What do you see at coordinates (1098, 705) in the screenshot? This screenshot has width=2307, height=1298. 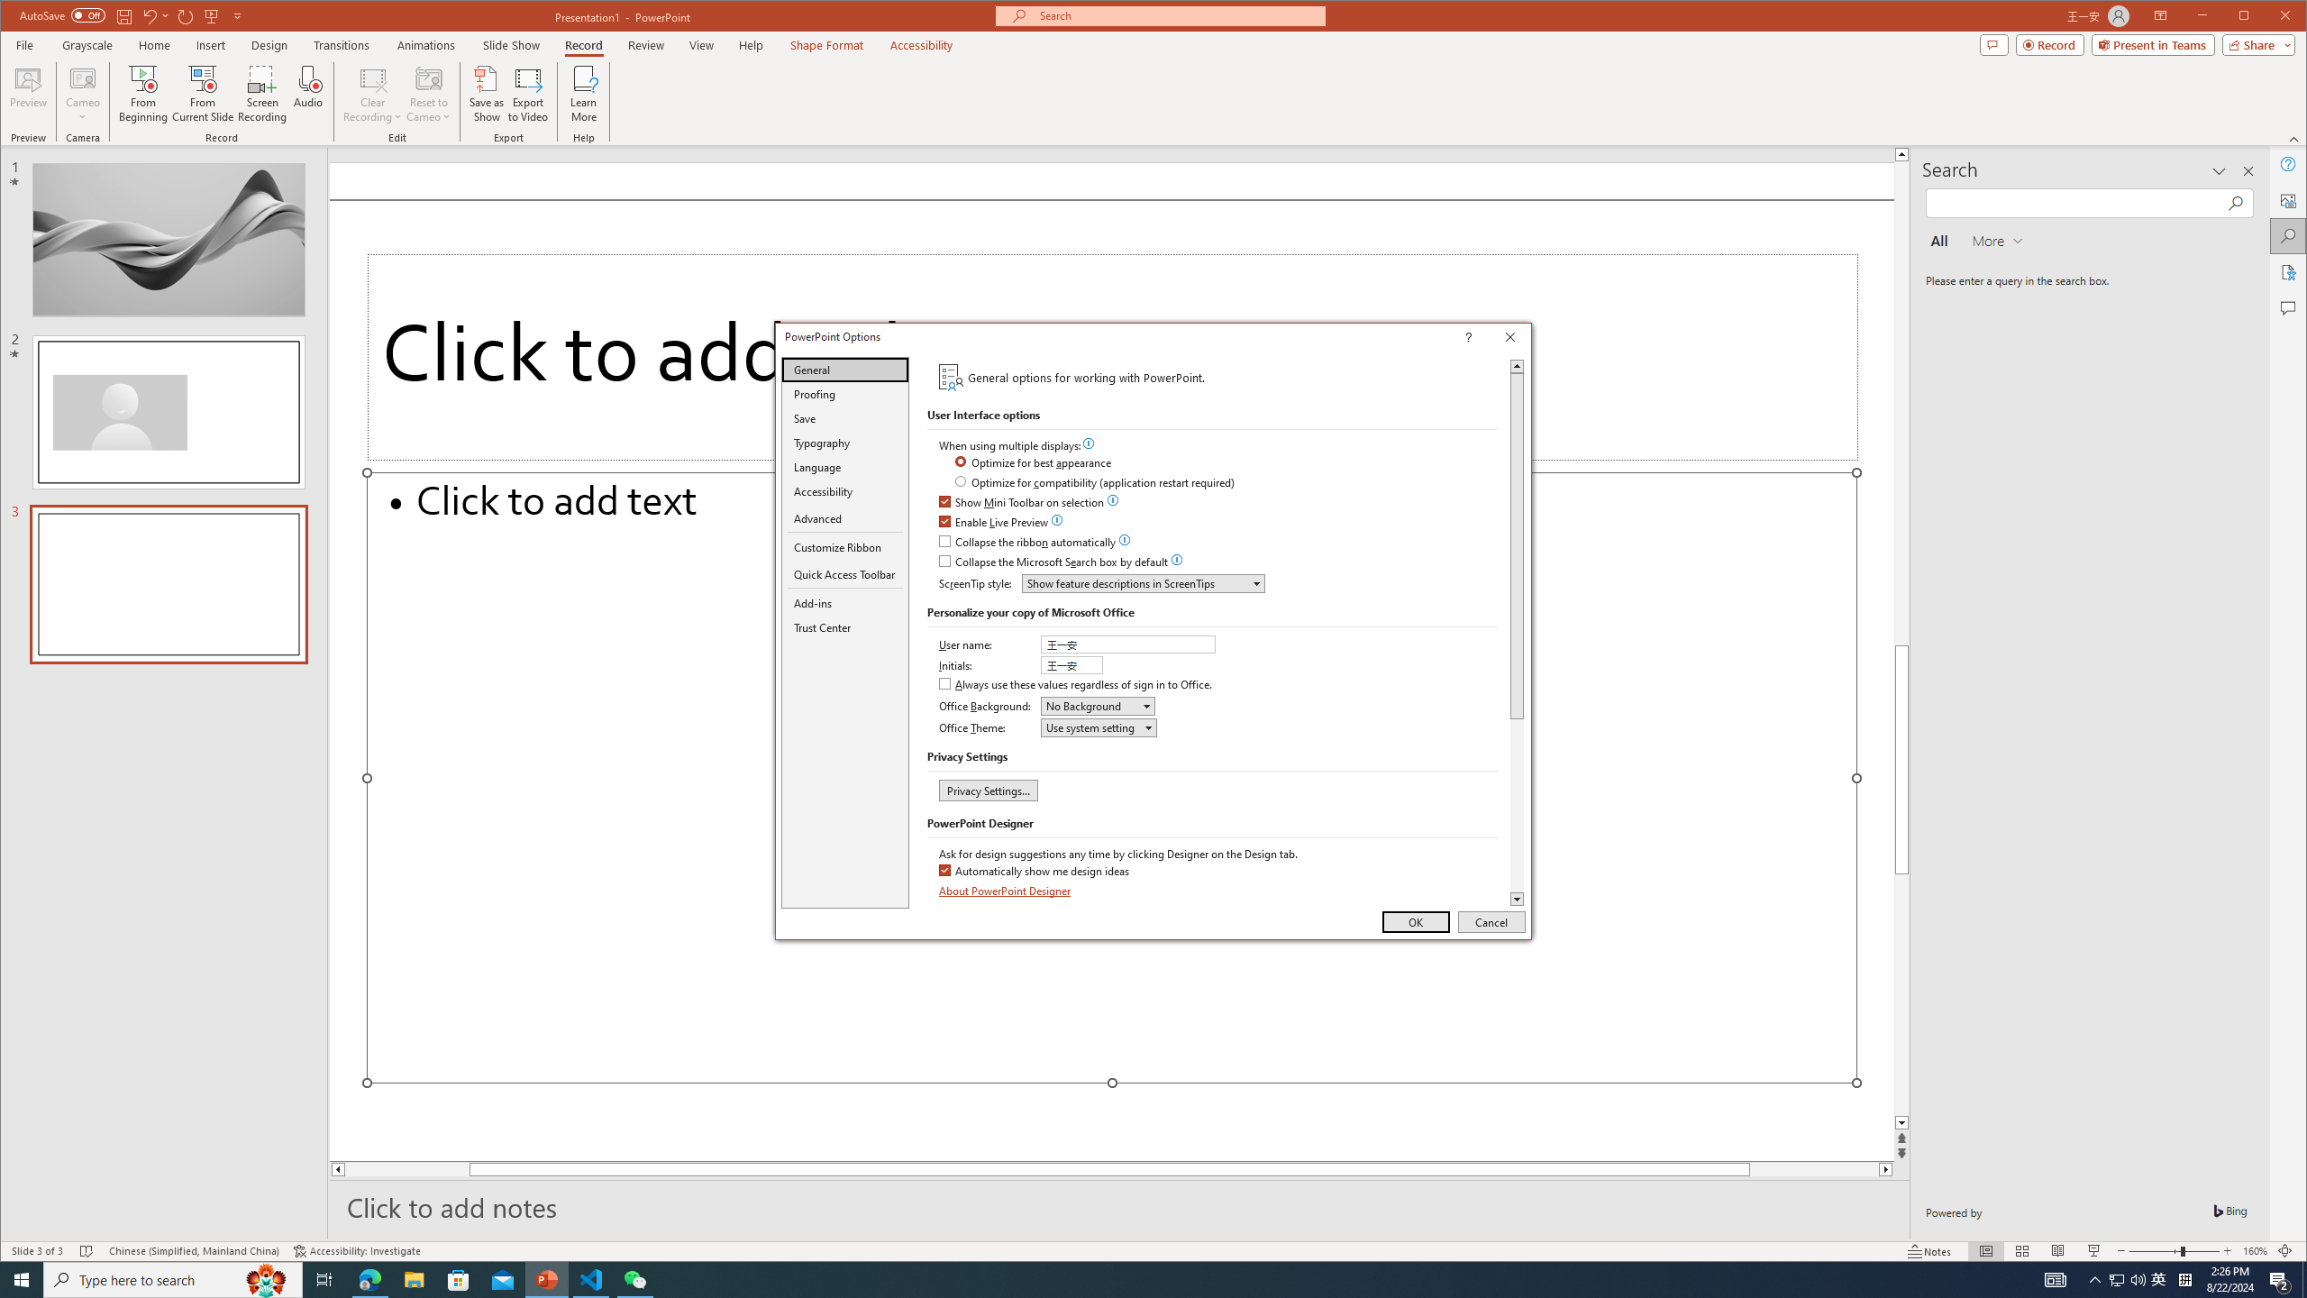 I see `'Office Background'` at bounding box center [1098, 705].